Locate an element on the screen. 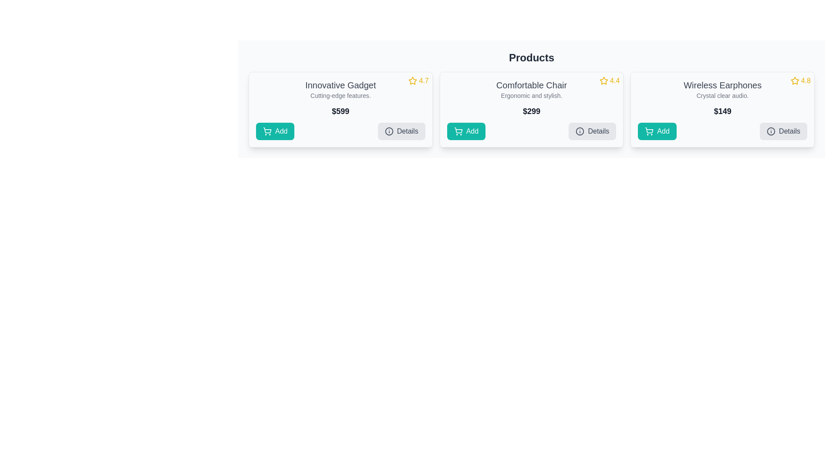 The width and height of the screenshot is (836, 470). the 'Details' button located to the right of the 'Add' button within the card titled 'Innovative Gadget' is located at coordinates (401, 131).